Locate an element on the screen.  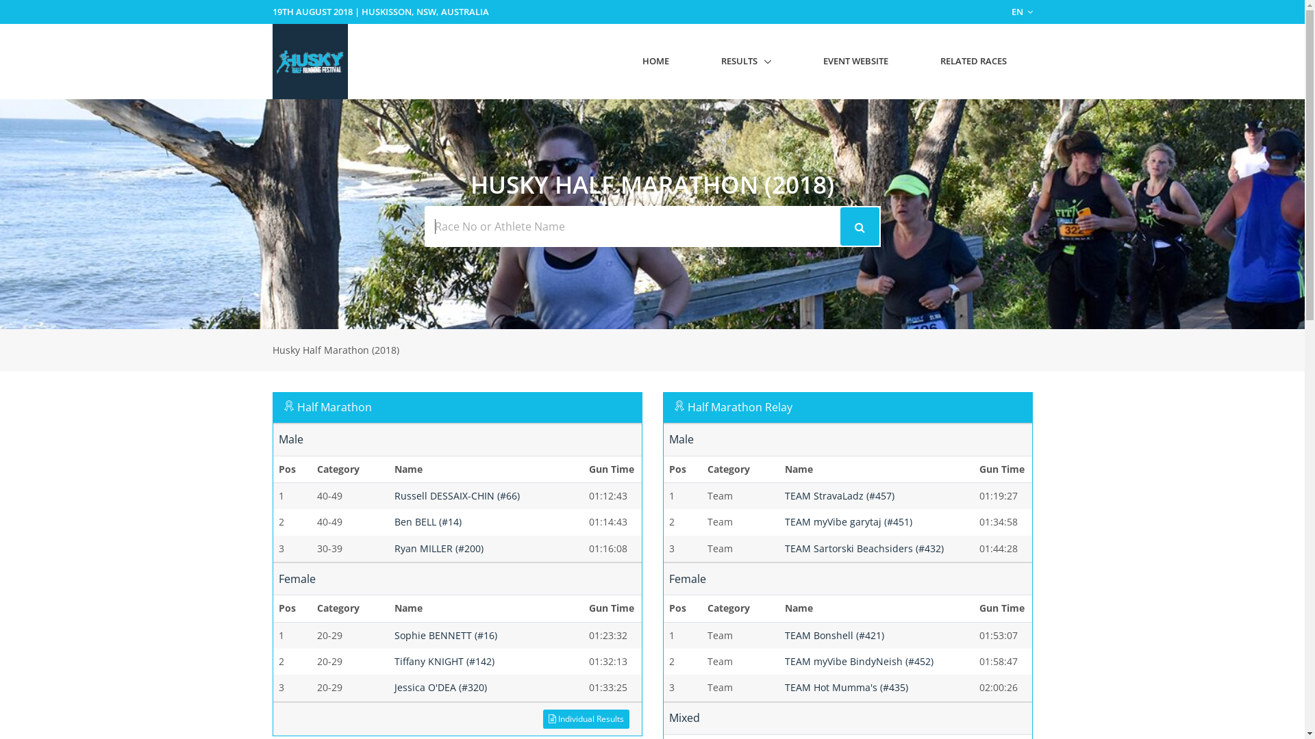
'RESULTS' is located at coordinates (694, 60).